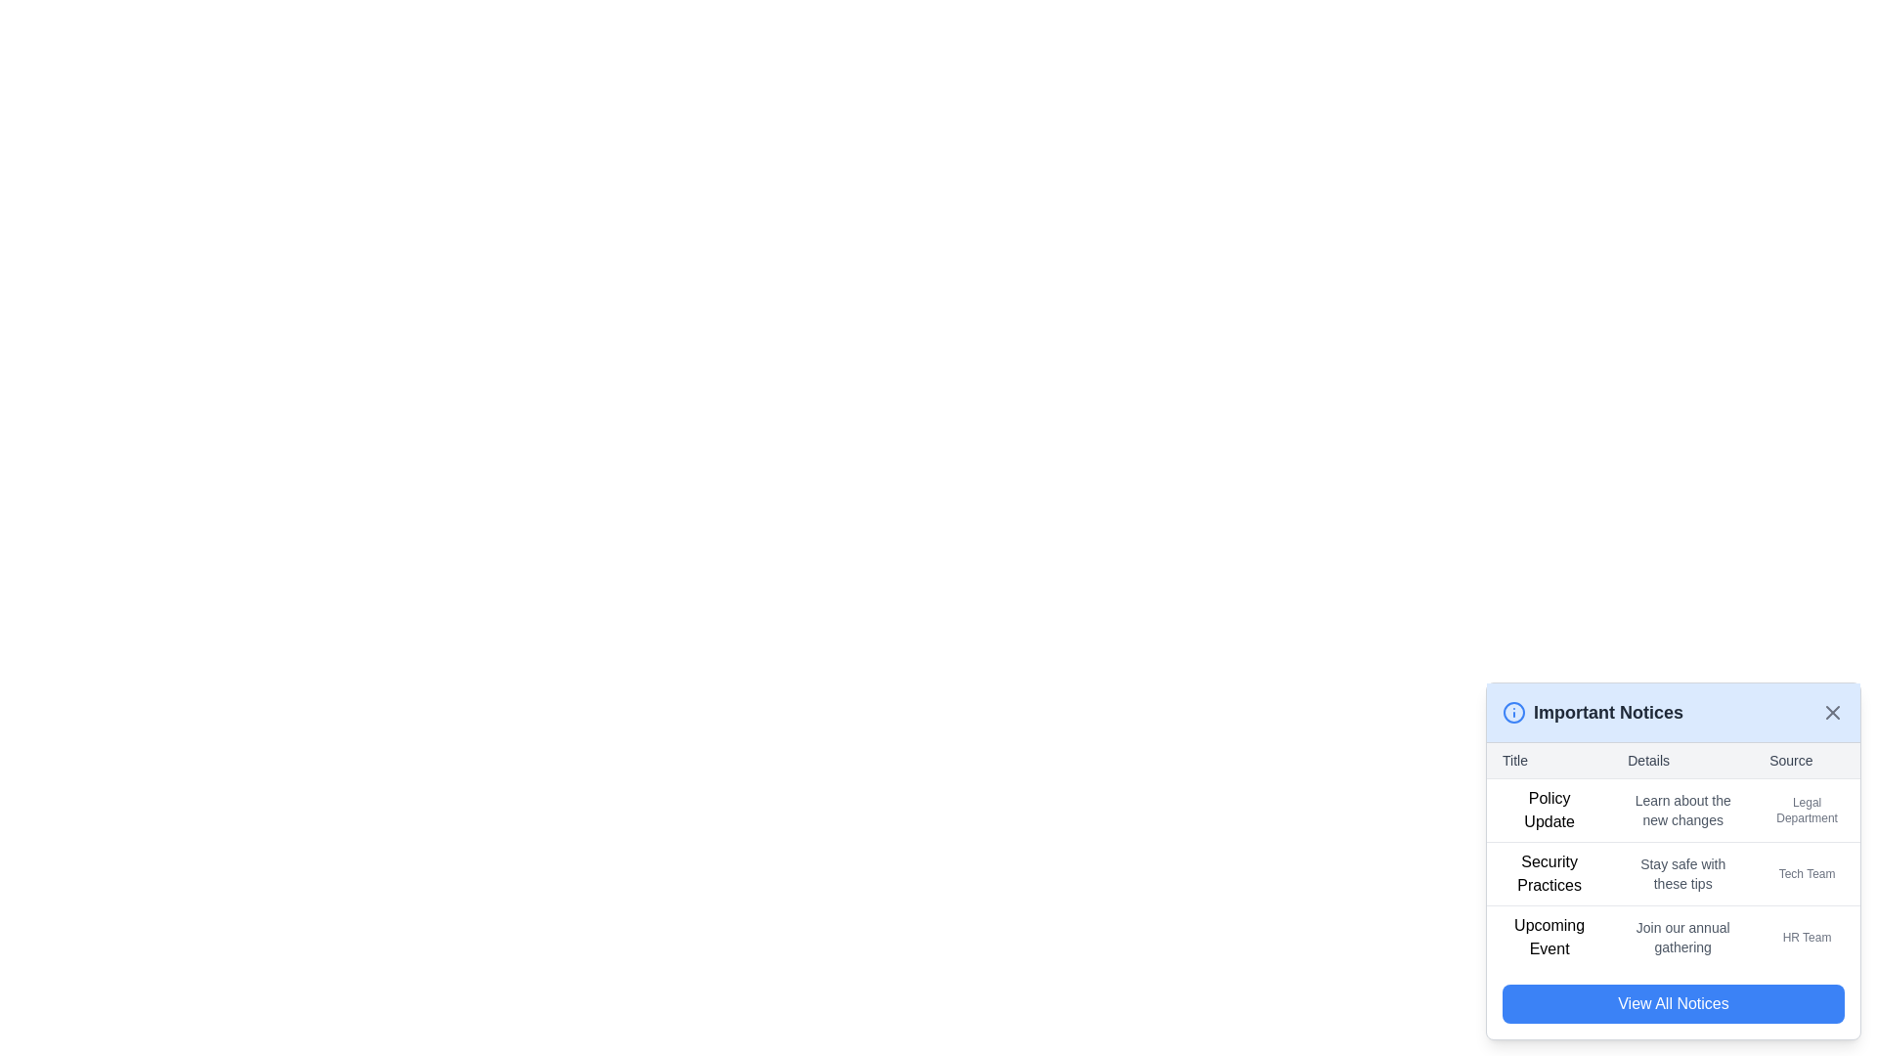 This screenshot has height=1056, width=1877. Describe the element at coordinates (1608, 713) in the screenshot. I see `the 'Important Notices' header text label located in the upper part of the notice panel layout, positioned to the right of a blue circular info icon` at that location.